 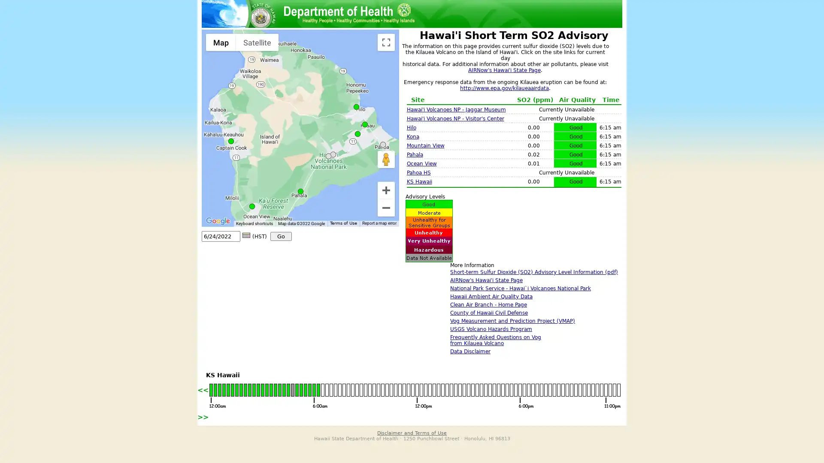 What do you see at coordinates (300, 191) in the screenshot?
I see `Pahala: SO2 0.02 ppm (Good) on 06/24 at 06:15 am` at bounding box center [300, 191].